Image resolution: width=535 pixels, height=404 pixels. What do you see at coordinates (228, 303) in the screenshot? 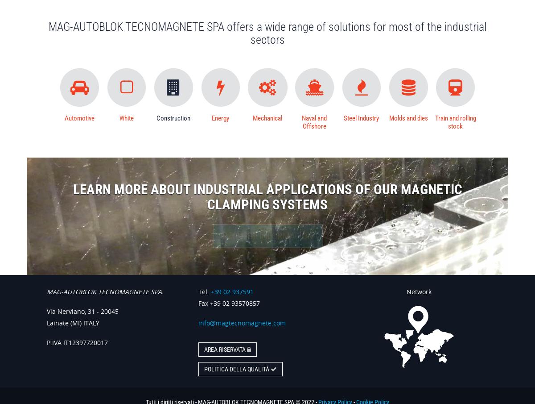
I see `'Fax +39 02 93570857'` at bounding box center [228, 303].